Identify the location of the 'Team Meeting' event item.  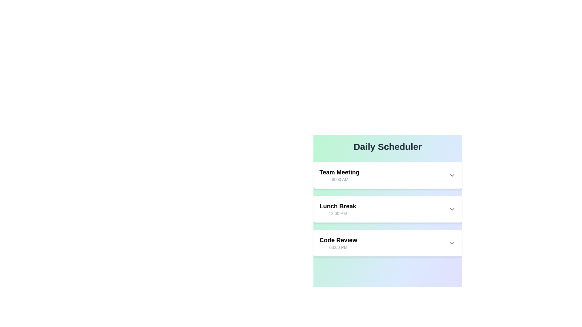
(387, 175).